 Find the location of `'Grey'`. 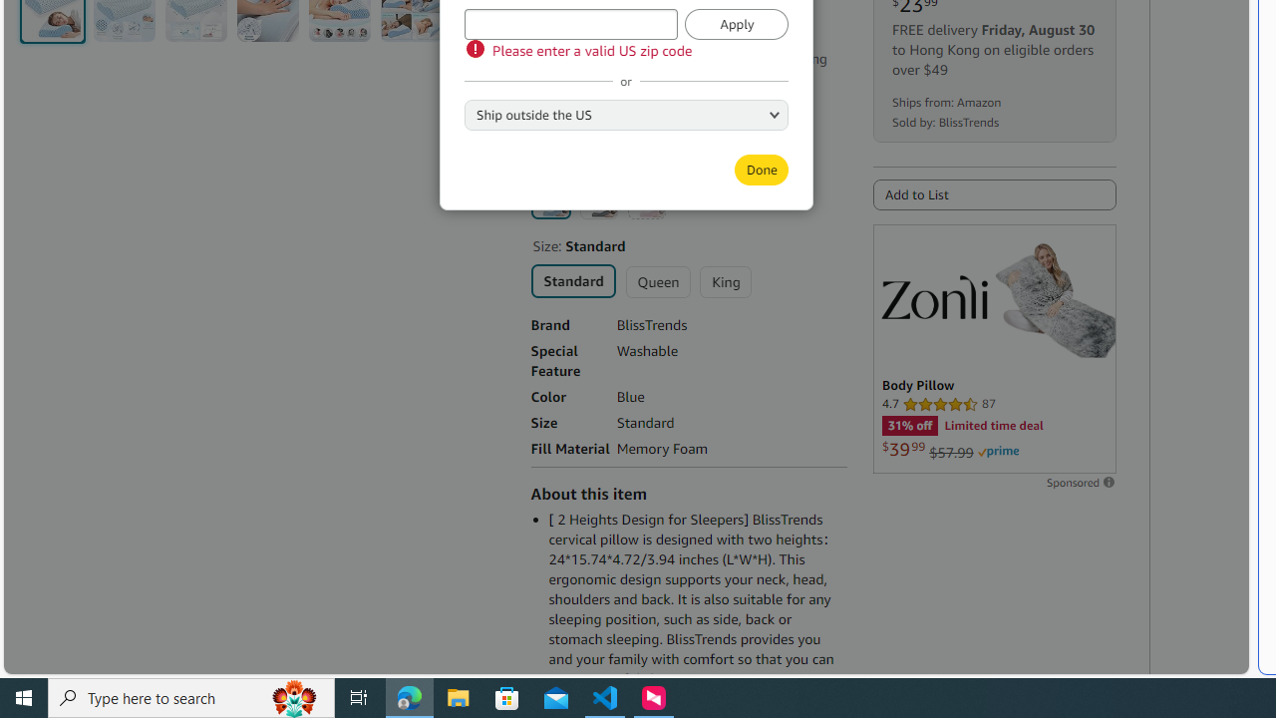

'Grey' is located at coordinates (597, 199).